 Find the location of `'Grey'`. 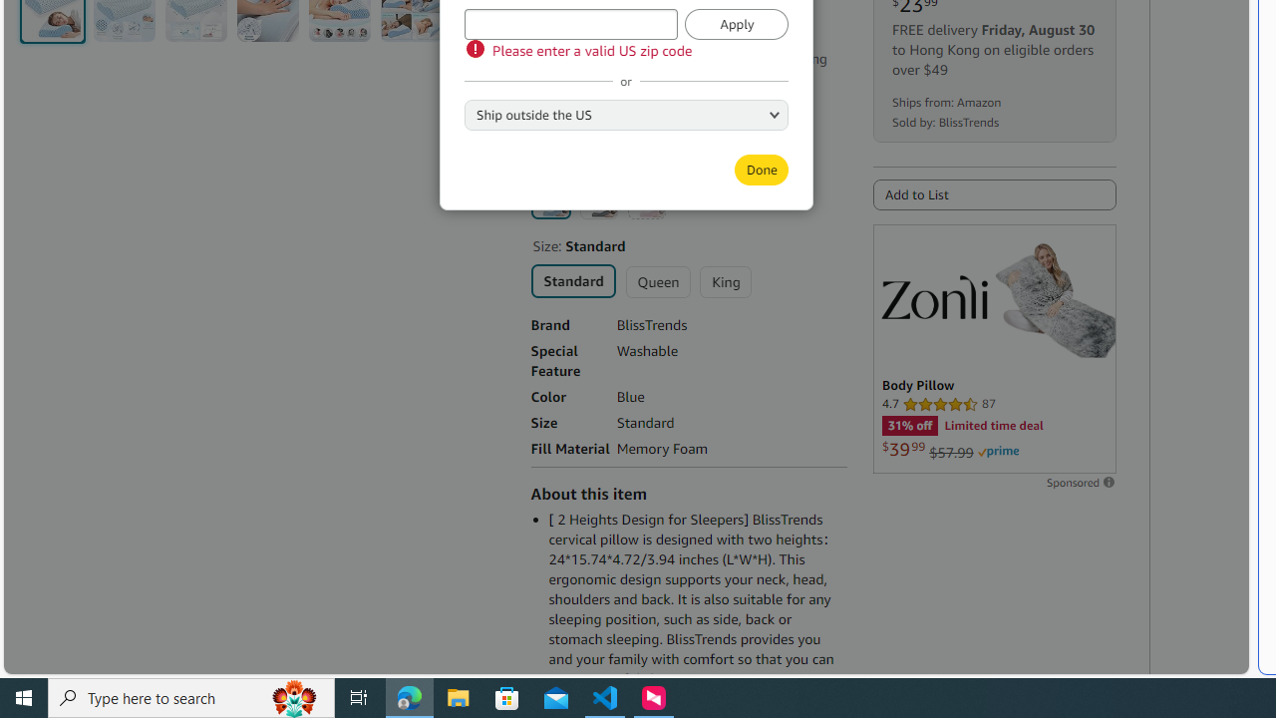

'Grey' is located at coordinates (597, 199).